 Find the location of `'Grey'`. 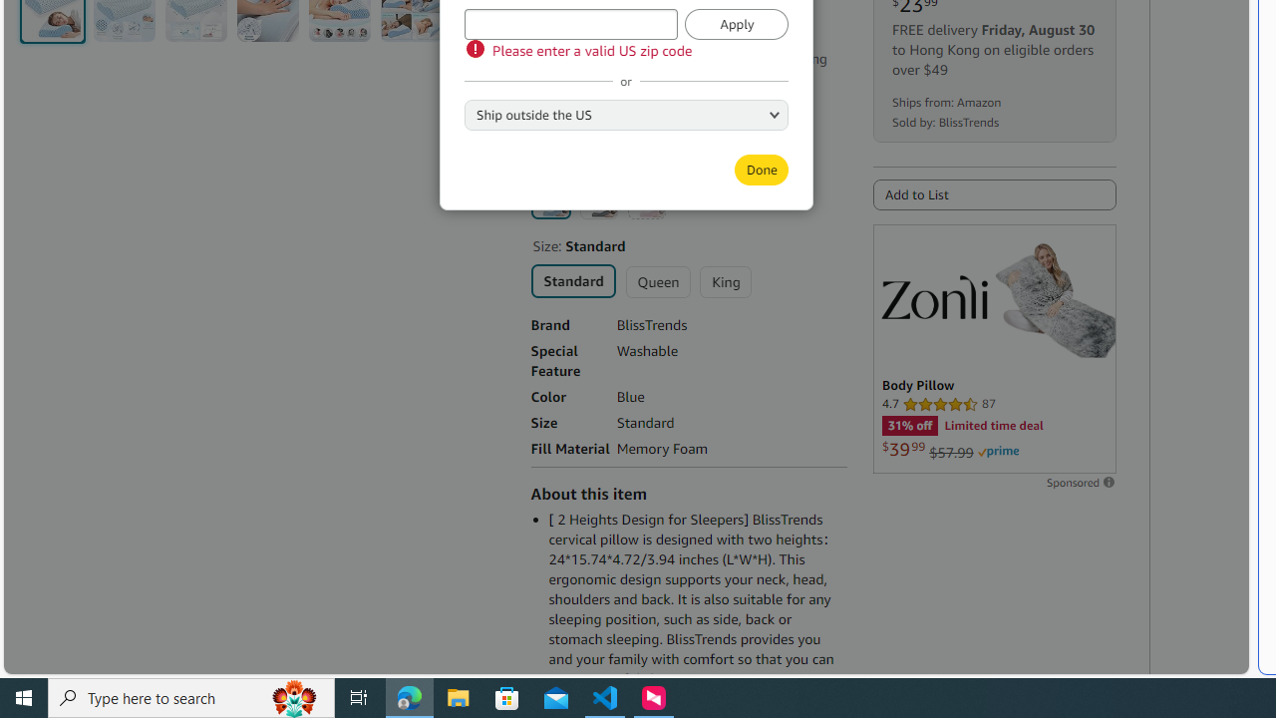

'Grey' is located at coordinates (597, 199).